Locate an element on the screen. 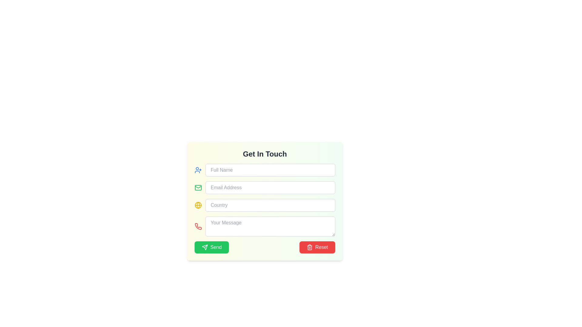 Image resolution: width=582 pixels, height=327 pixels. the header text element that indicates the purpose of the contact form, which is positioned at the top of the vertically aligned form interface is located at coordinates (265, 154).